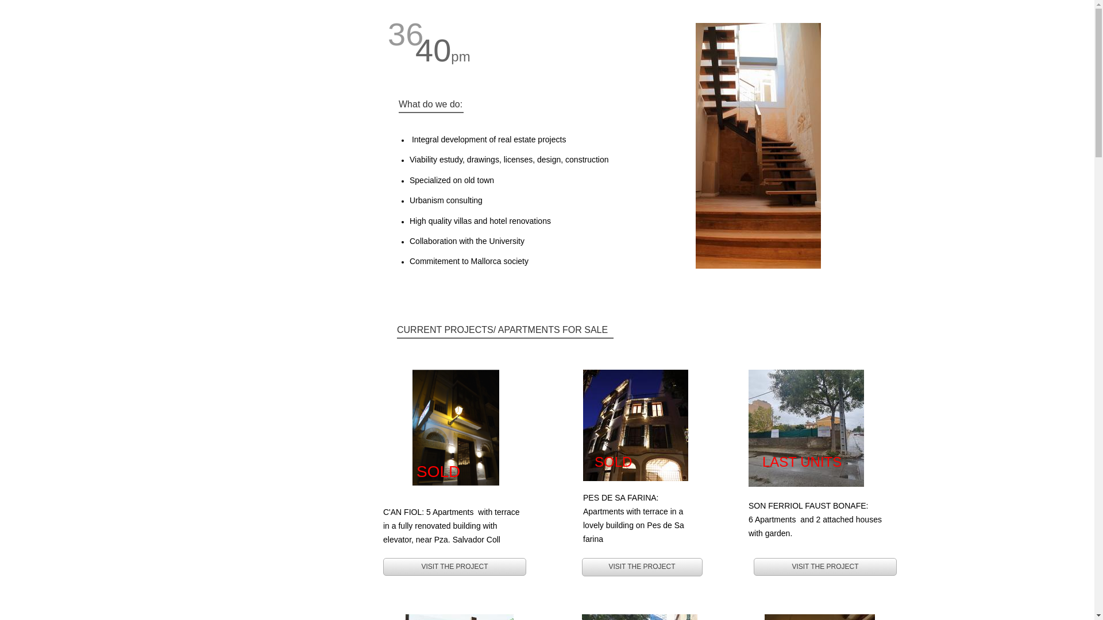 Image resolution: width=1103 pixels, height=620 pixels. What do you see at coordinates (454, 566) in the screenshot?
I see `'VISIT THE PROJECT'` at bounding box center [454, 566].